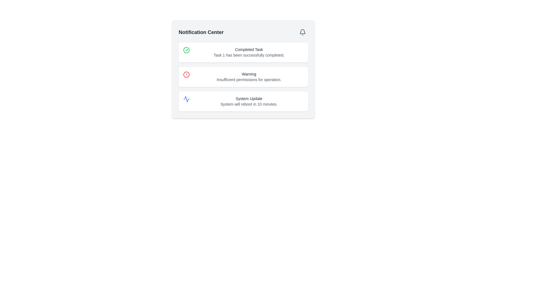  Describe the element at coordinates (243, 101) in the screenshot. I see `the Notification card with the title 'System Update' and subtitle 'System will reboot in 10 minutes.' which is the last card in a vertical list of three notifications` at that location.